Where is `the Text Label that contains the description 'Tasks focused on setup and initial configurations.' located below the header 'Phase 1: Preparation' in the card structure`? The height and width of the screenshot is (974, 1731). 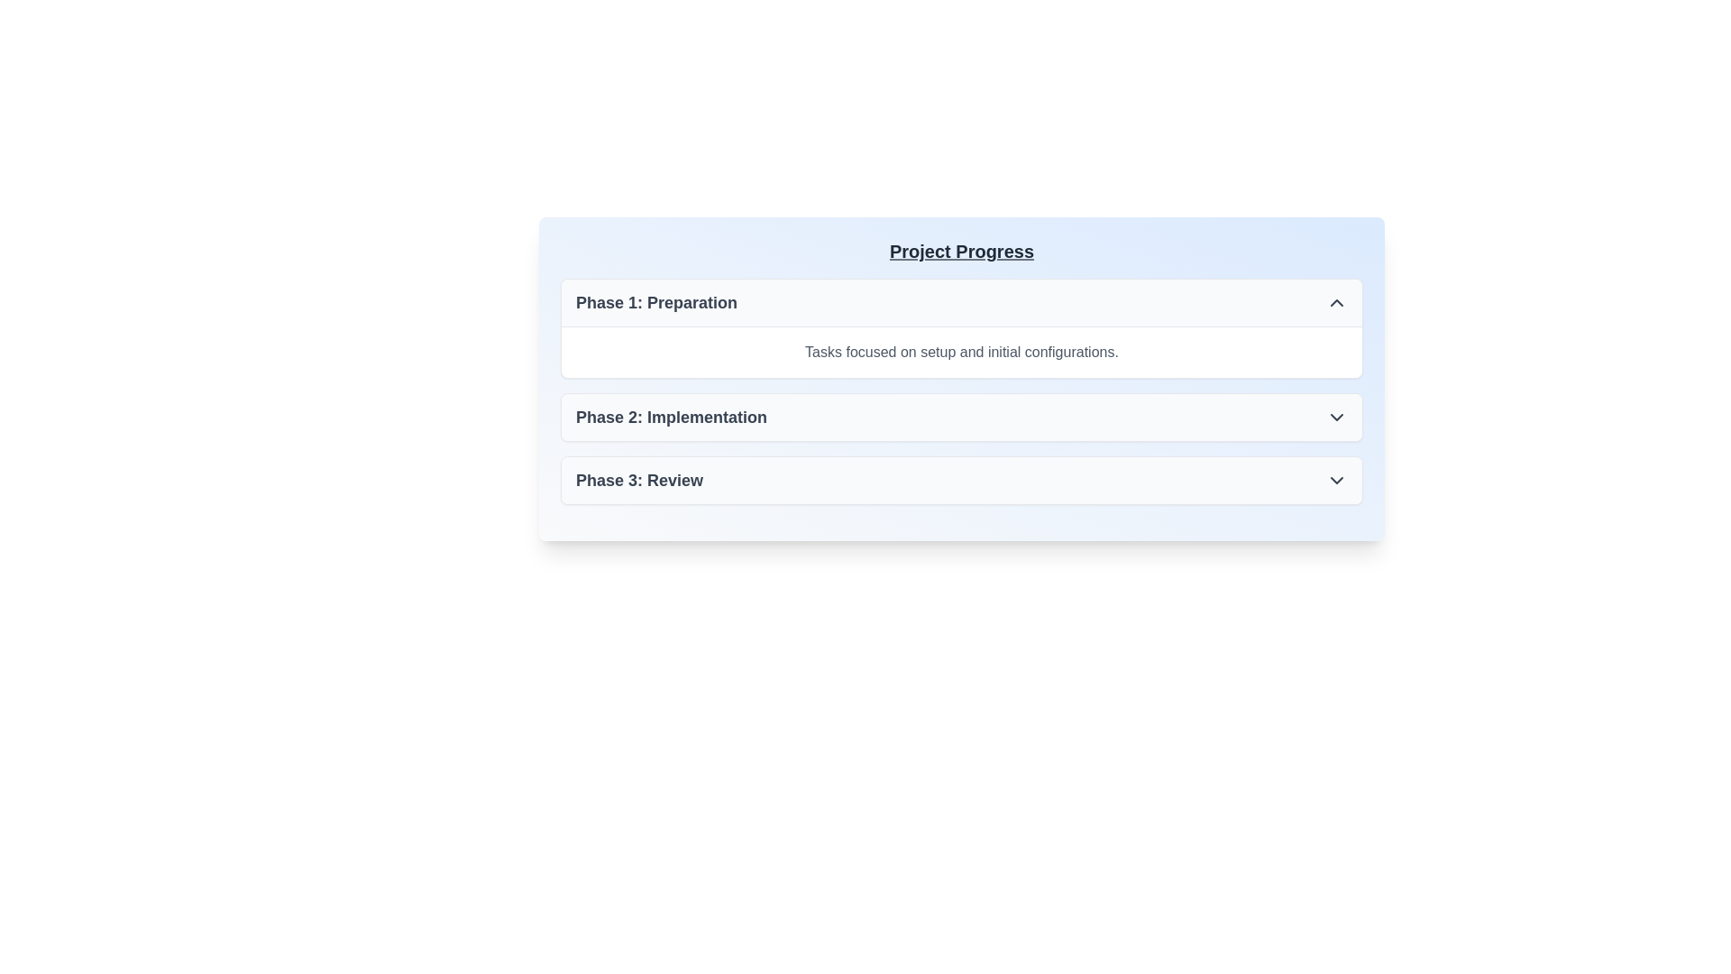
the Text Label that contains the description 'Tasks focused on setup and initial configurations.' located below the header 'Phase 1: Preparation' in the card structure is located at coordinates (960, 351).